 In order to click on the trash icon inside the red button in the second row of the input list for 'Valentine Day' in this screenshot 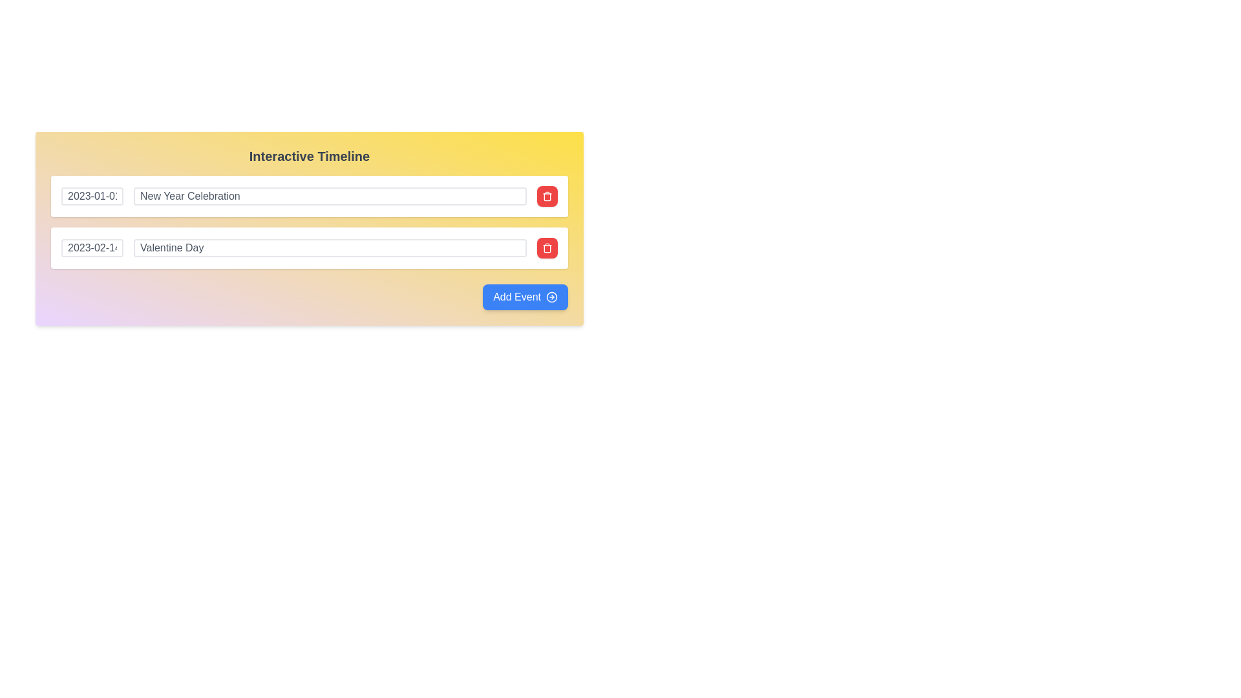, I will do `click(547, 248)`.